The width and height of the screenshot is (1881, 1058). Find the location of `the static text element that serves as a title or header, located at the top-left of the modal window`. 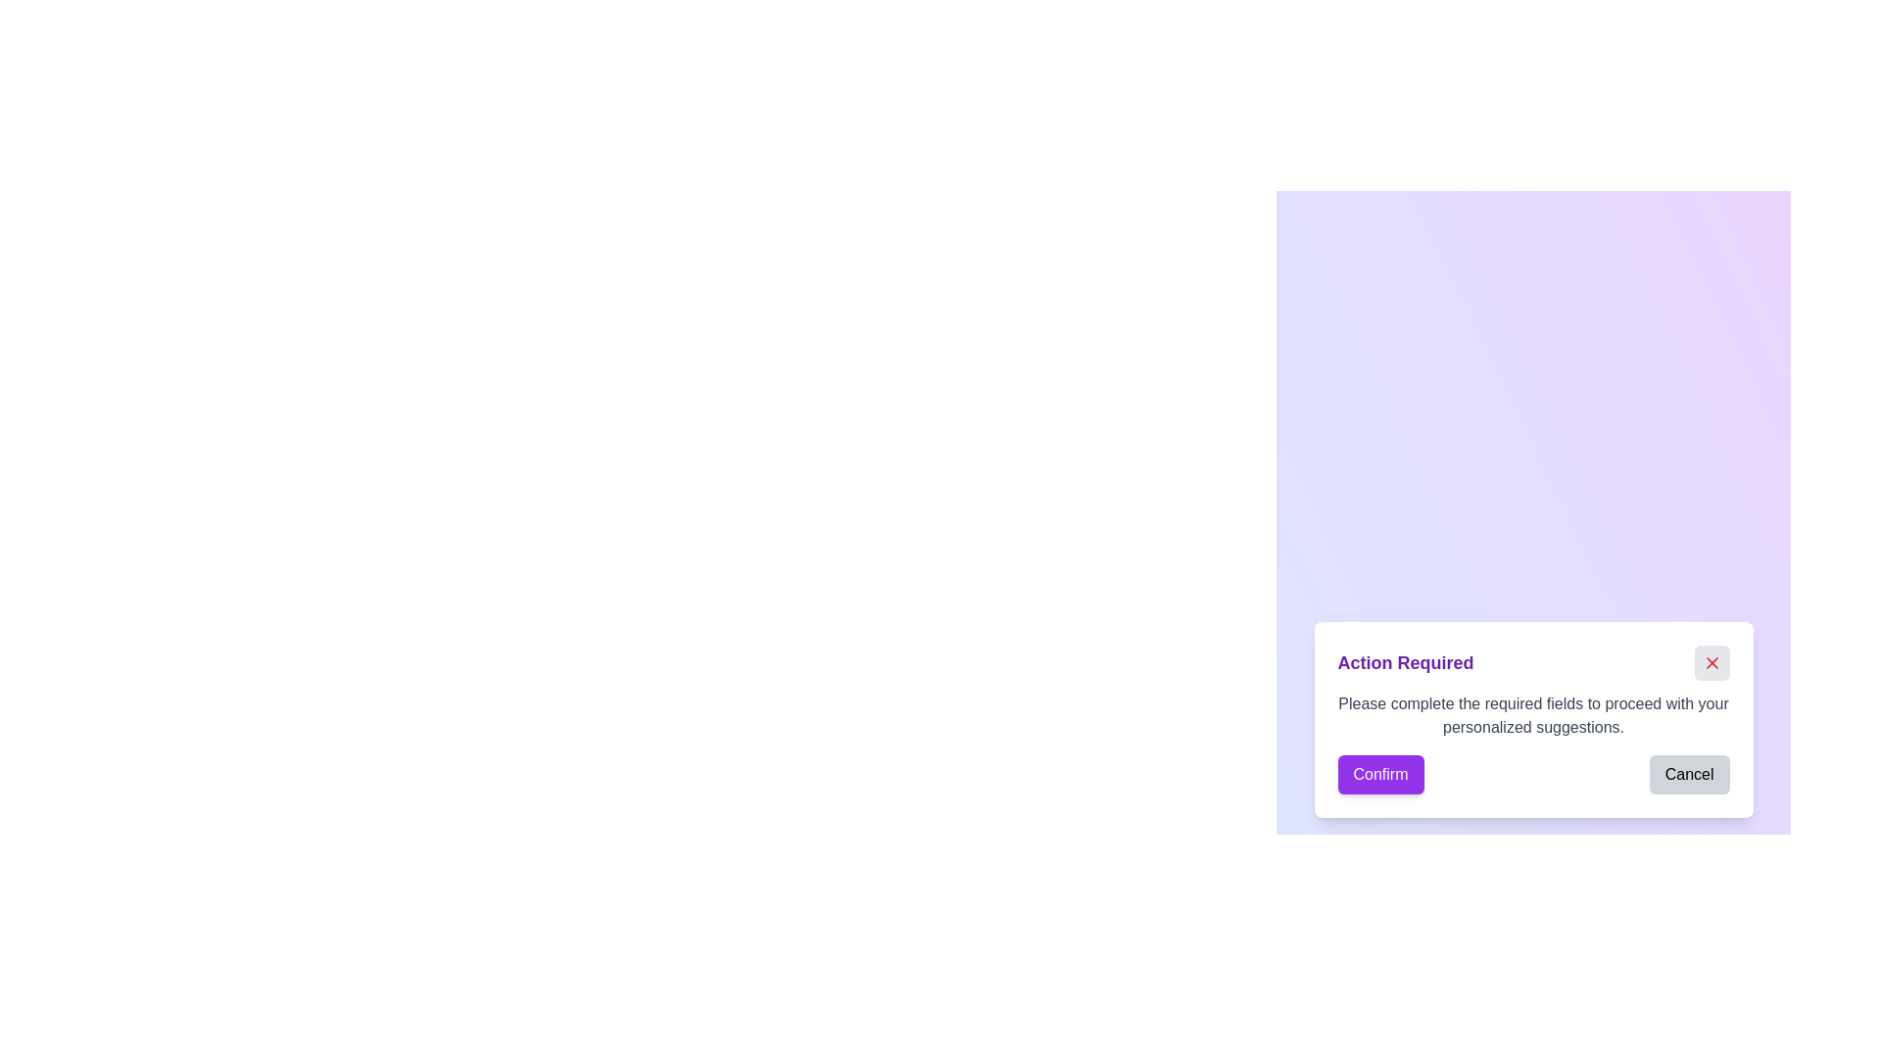

the static text element that serves as a title or header, located at the top-left of the modal window is located at coordinates (1405, 662).